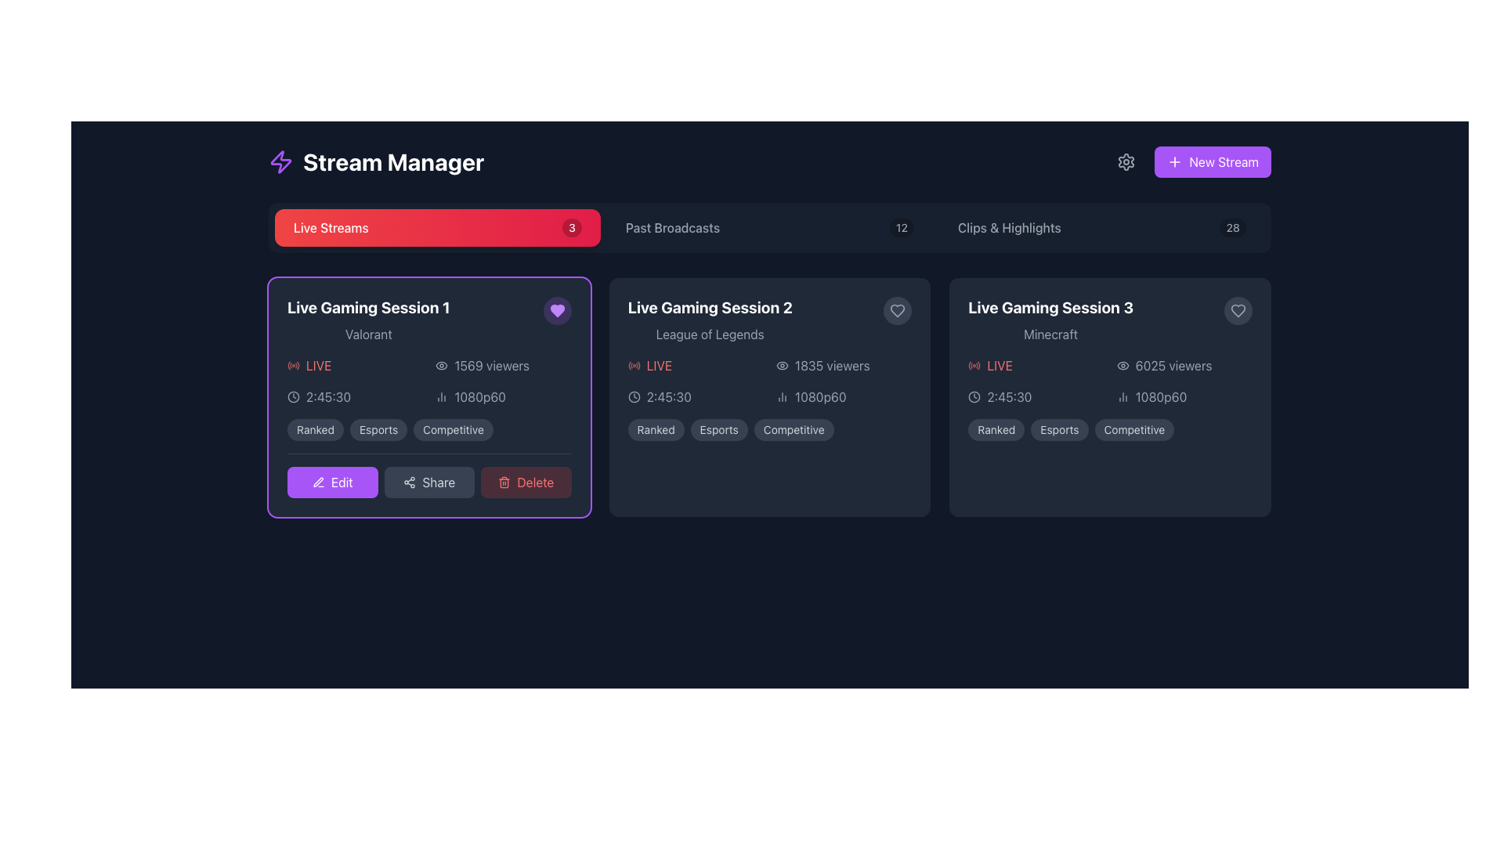 This screenshot has width=1504, height=846. I want to click on the 'Ranked' label indicating the classification of the gaming session in the metadata section of the card for 'Live Gaming Session 2', so click(656, 429).